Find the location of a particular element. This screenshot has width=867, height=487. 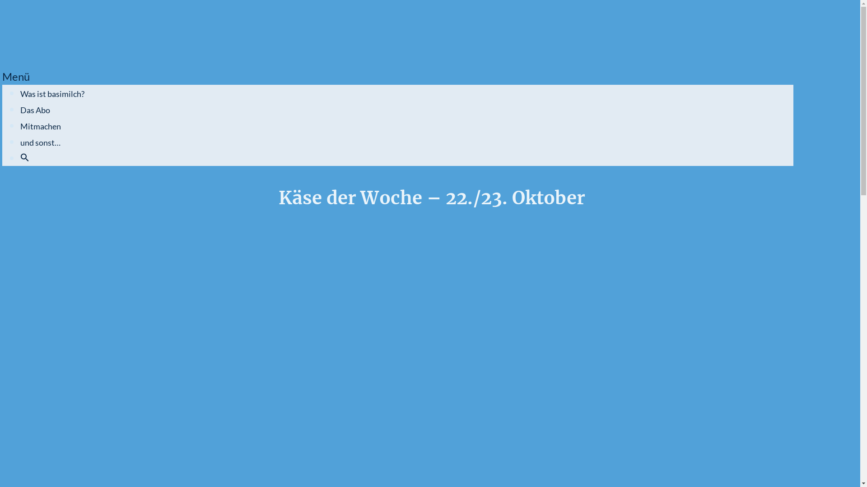

'cropped-cropped-basimilch_logo_white_on_blue-1-1.png' is located at coordinates (32, 32).